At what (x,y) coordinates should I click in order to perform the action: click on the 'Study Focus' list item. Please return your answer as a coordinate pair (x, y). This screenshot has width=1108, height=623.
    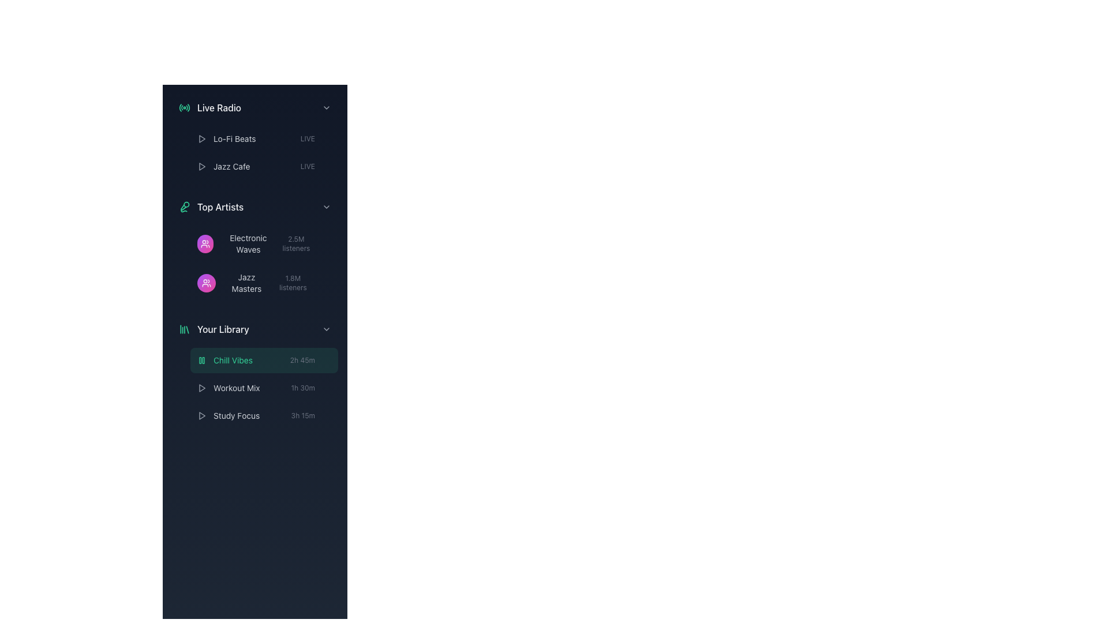
    Looking at the image, I should click on (228, 416).